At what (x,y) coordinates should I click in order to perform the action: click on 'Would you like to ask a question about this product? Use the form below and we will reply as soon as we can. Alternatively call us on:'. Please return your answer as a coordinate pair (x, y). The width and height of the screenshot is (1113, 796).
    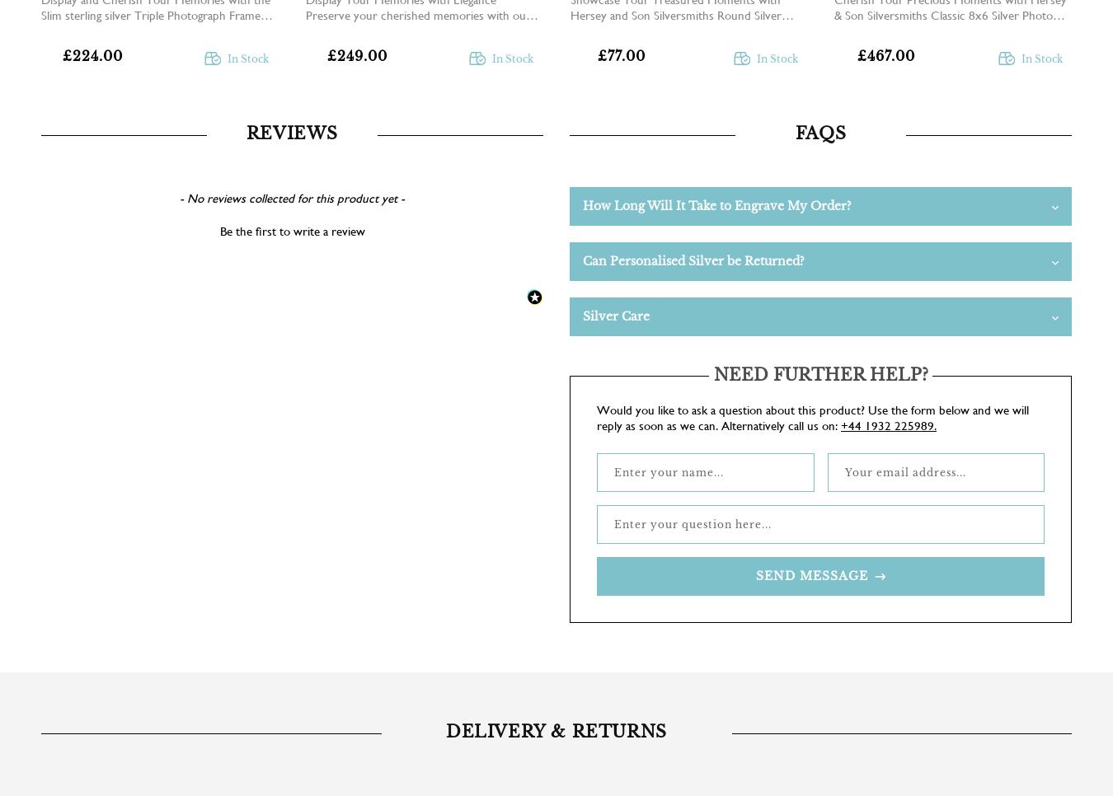
    Looking at the image, I should click on (812, 416).